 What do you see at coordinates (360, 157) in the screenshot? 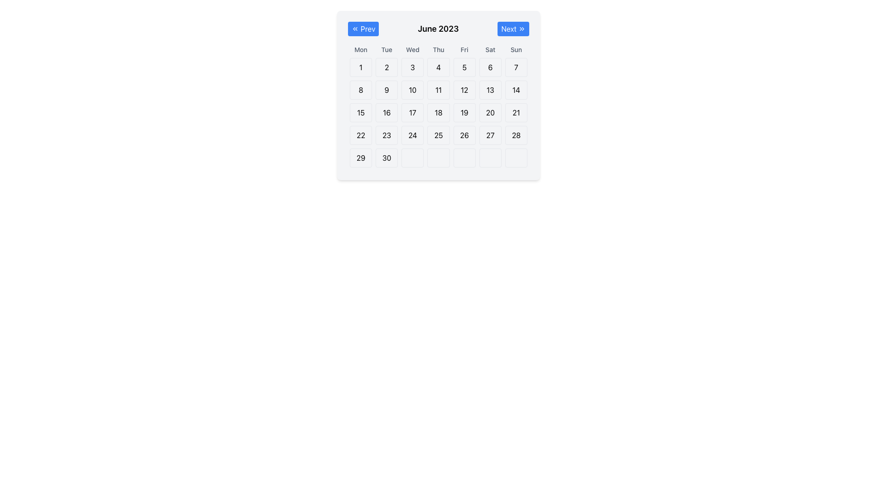
I see `the date selector button for the 29th day of the month` at bounding box center [360, 157].